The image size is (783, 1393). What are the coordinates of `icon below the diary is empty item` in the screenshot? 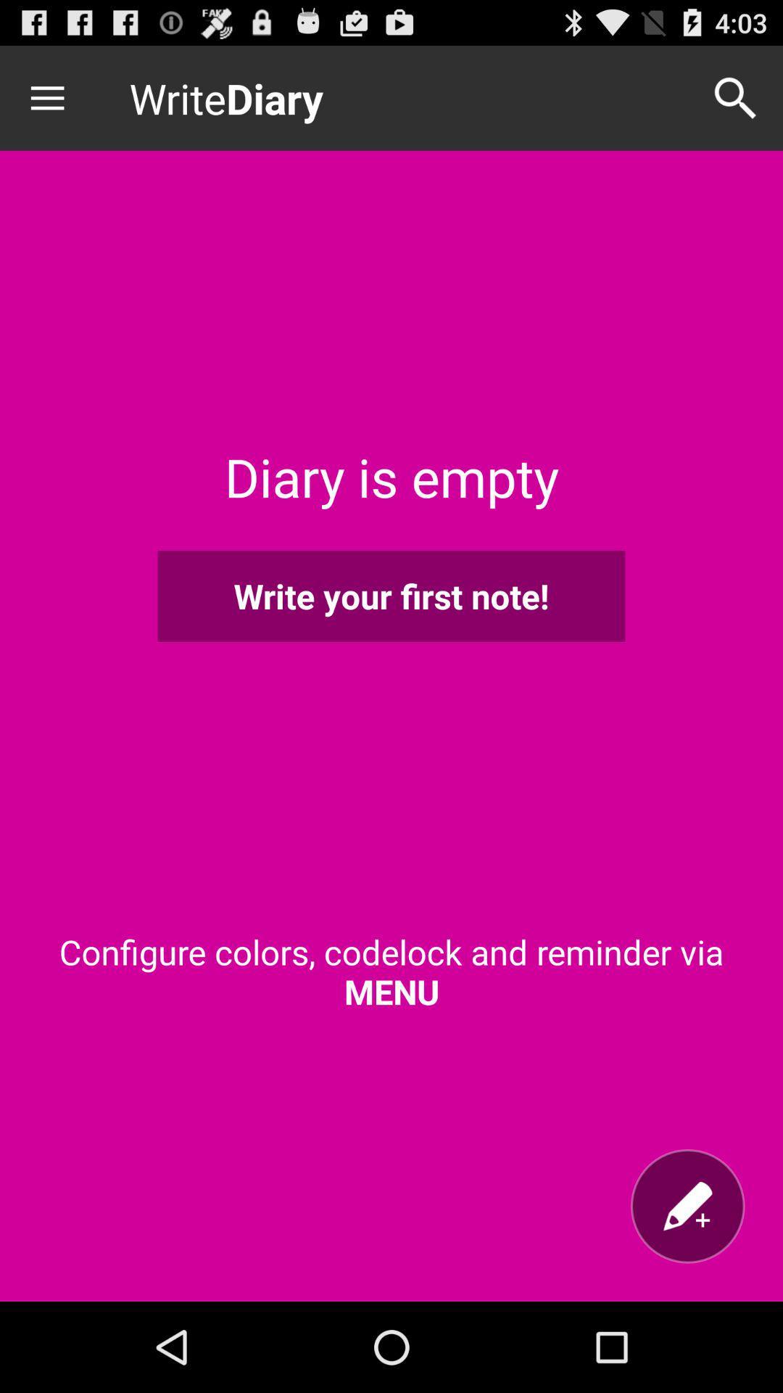 It's located at (391, 596).